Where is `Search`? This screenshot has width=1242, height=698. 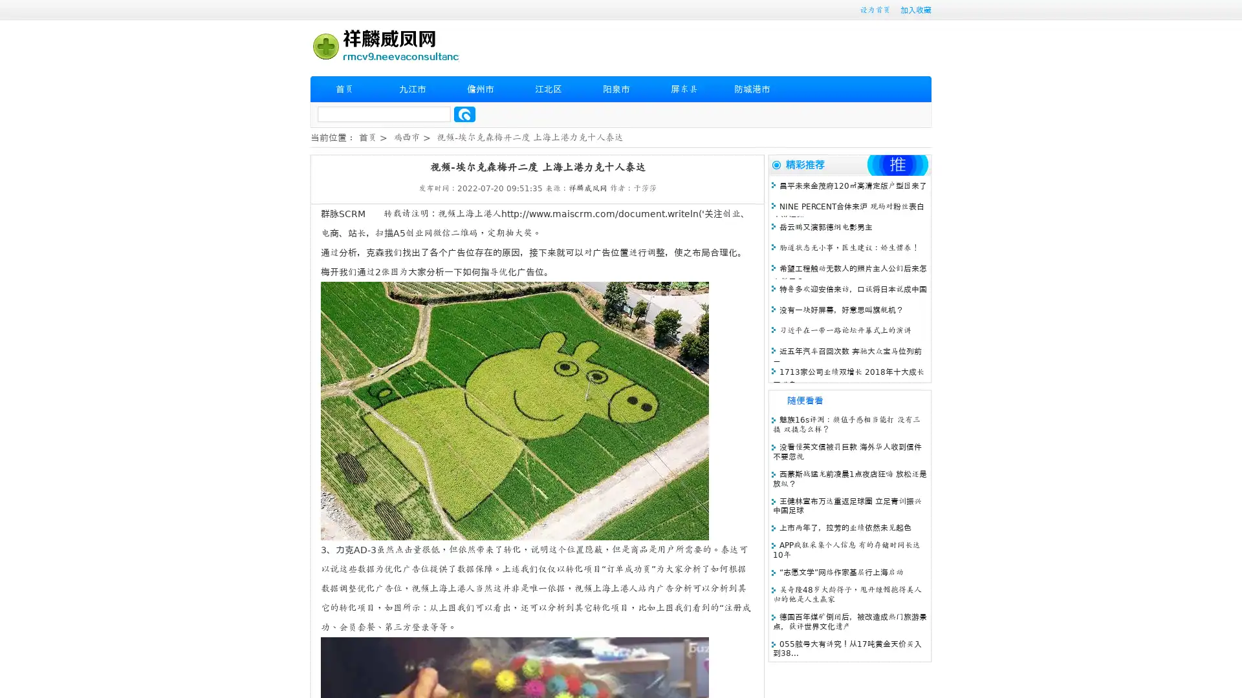
Search is located at coordinates (464, 114).